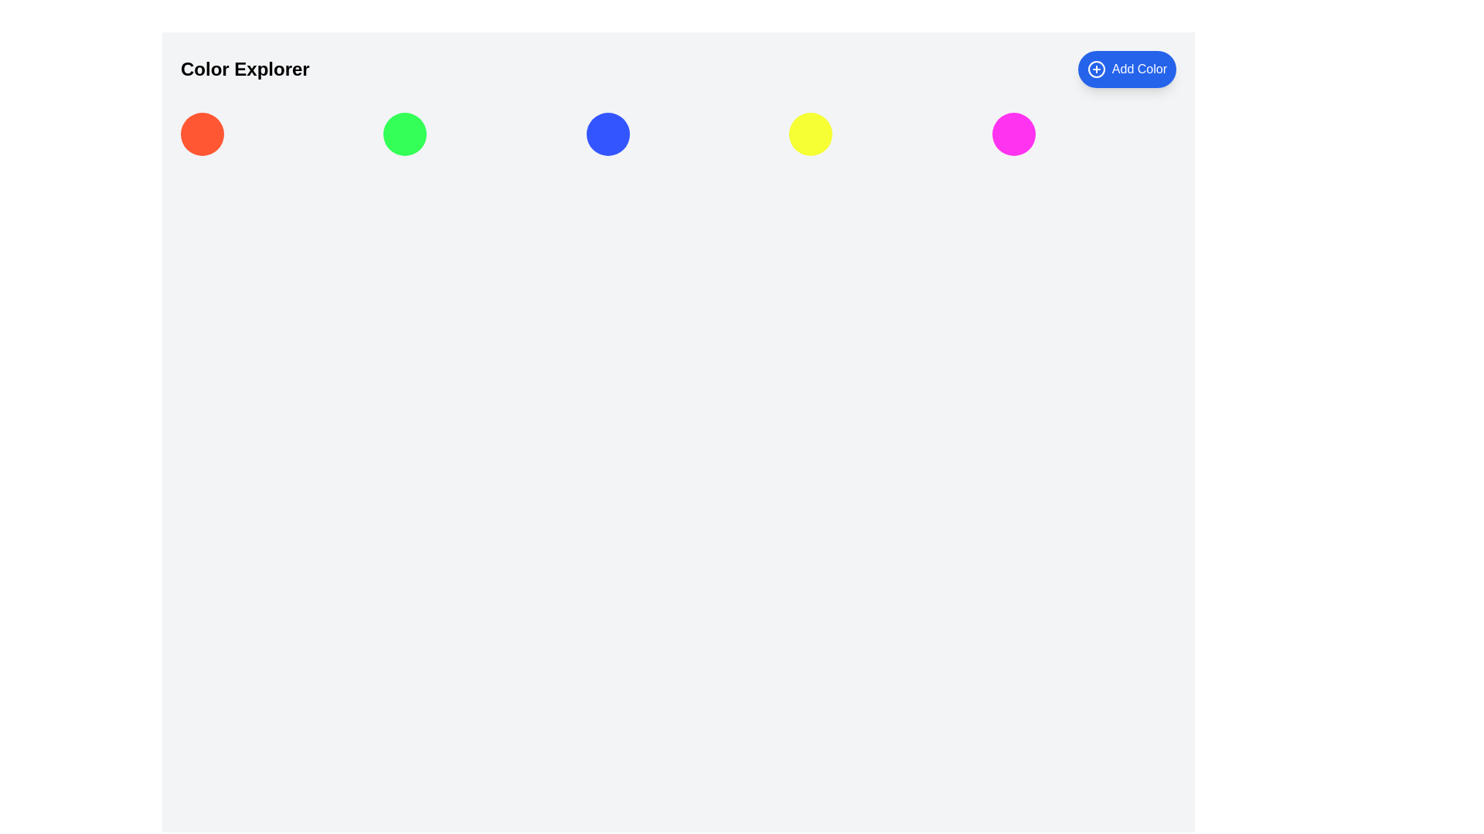  What do you see at coordinates (607, 133) in the screenshot?
I see `the third circular button in a horizontal grid, which is located centrally and is preceded by red and green buttons and followed by yellow and pink buttons` at bounding box center [607, 133].